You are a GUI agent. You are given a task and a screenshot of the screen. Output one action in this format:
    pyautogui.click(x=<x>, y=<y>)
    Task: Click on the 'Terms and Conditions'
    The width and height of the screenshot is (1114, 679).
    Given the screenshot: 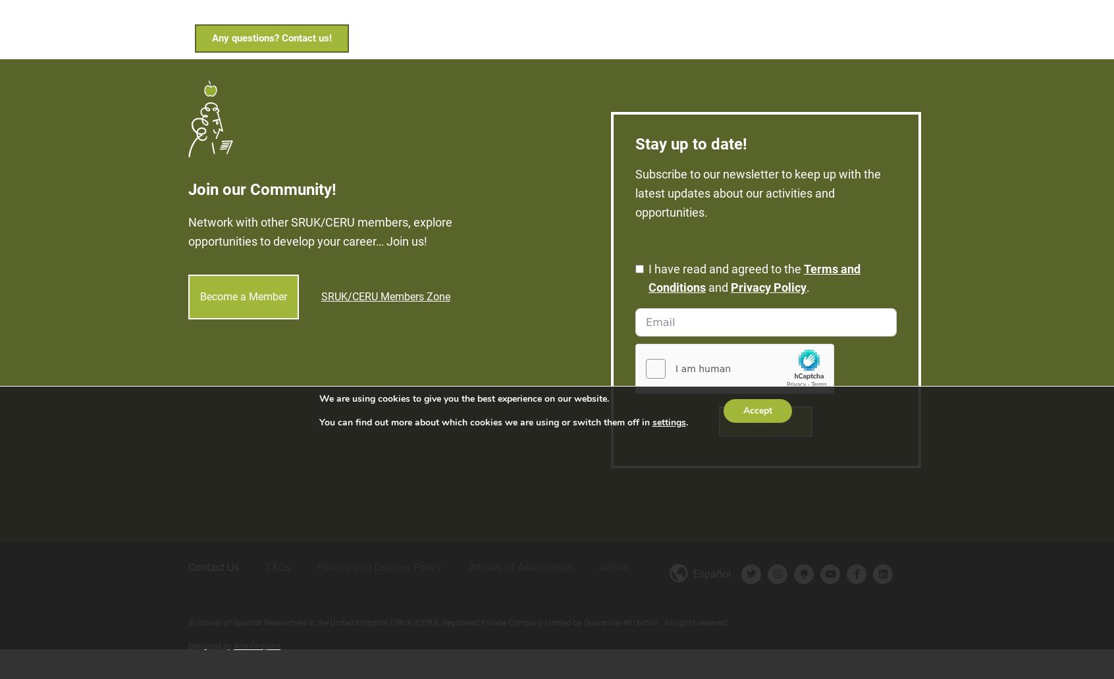 What is the action you would take?
    pyautogui.click(x=649, y=265)
    